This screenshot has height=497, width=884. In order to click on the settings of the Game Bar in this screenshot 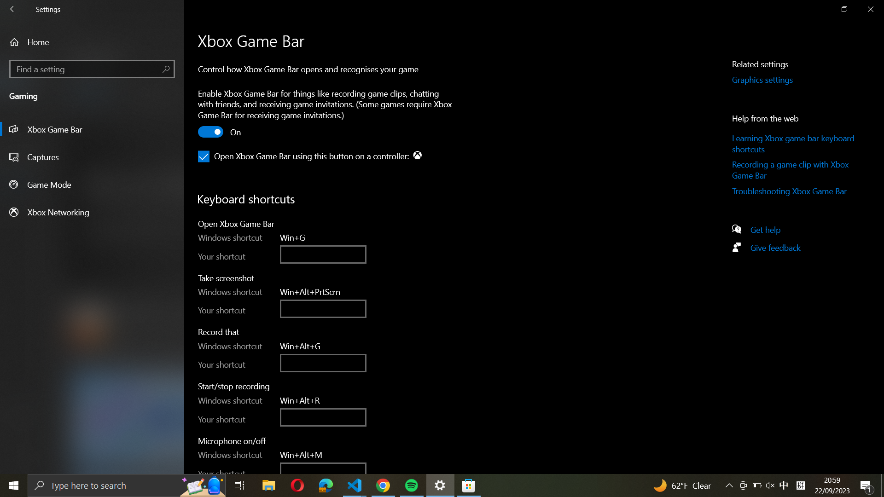, I will do `click(91, 129)`.